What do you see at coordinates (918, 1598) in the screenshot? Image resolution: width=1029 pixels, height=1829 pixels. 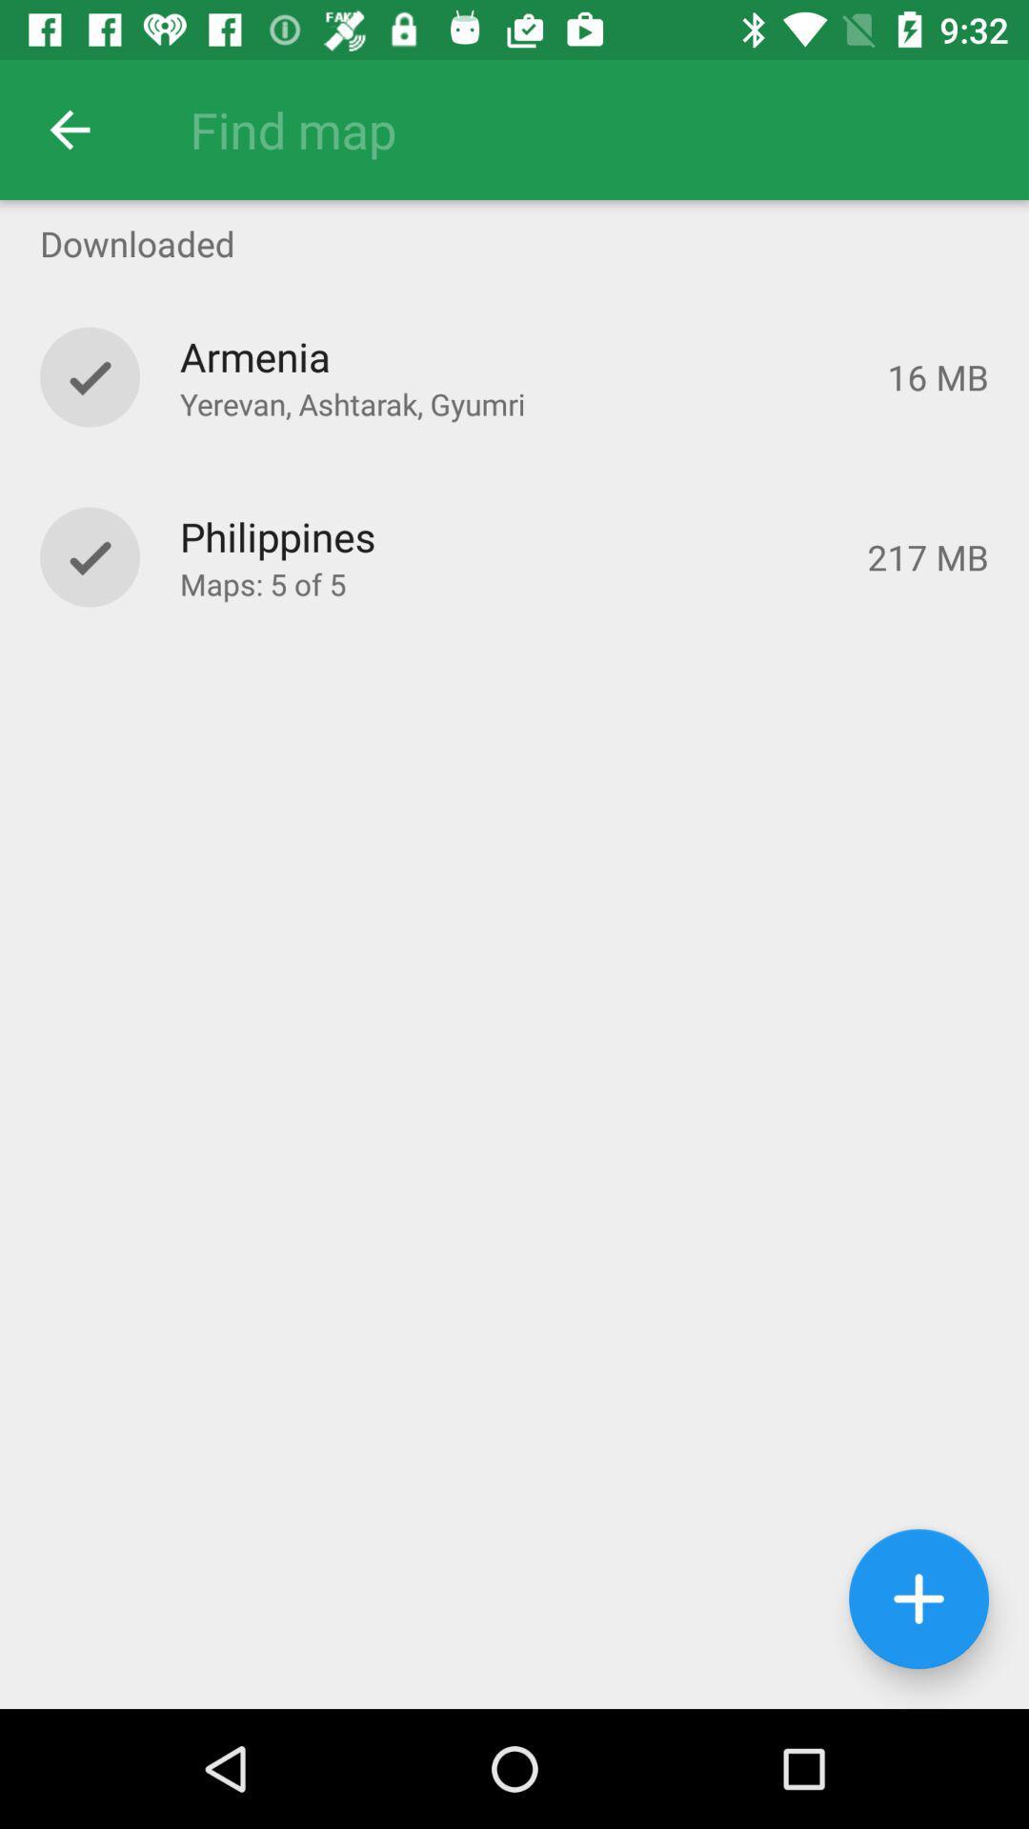 I see `the add icon` at bounding box center [918, 1598].